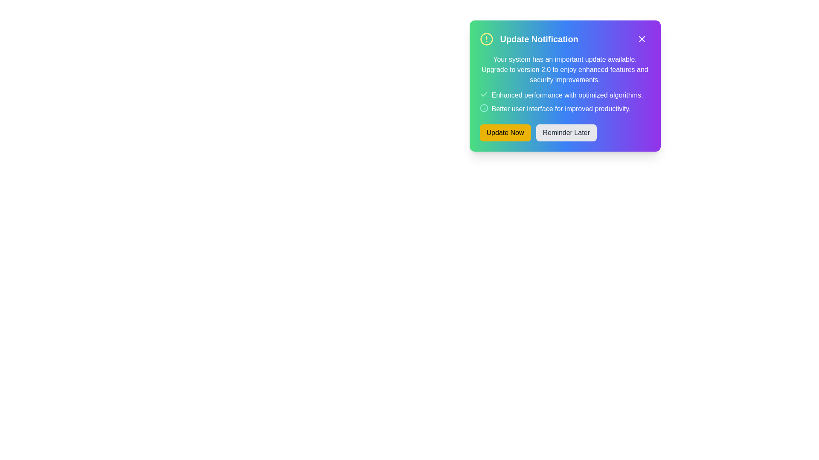 This screenshot has height=460, width=819. Describe the element at coordinates (642, 39) in the screenshot. I see `the 'X'-shaped close icon located in the upper-right corner of the notification card` at that location.